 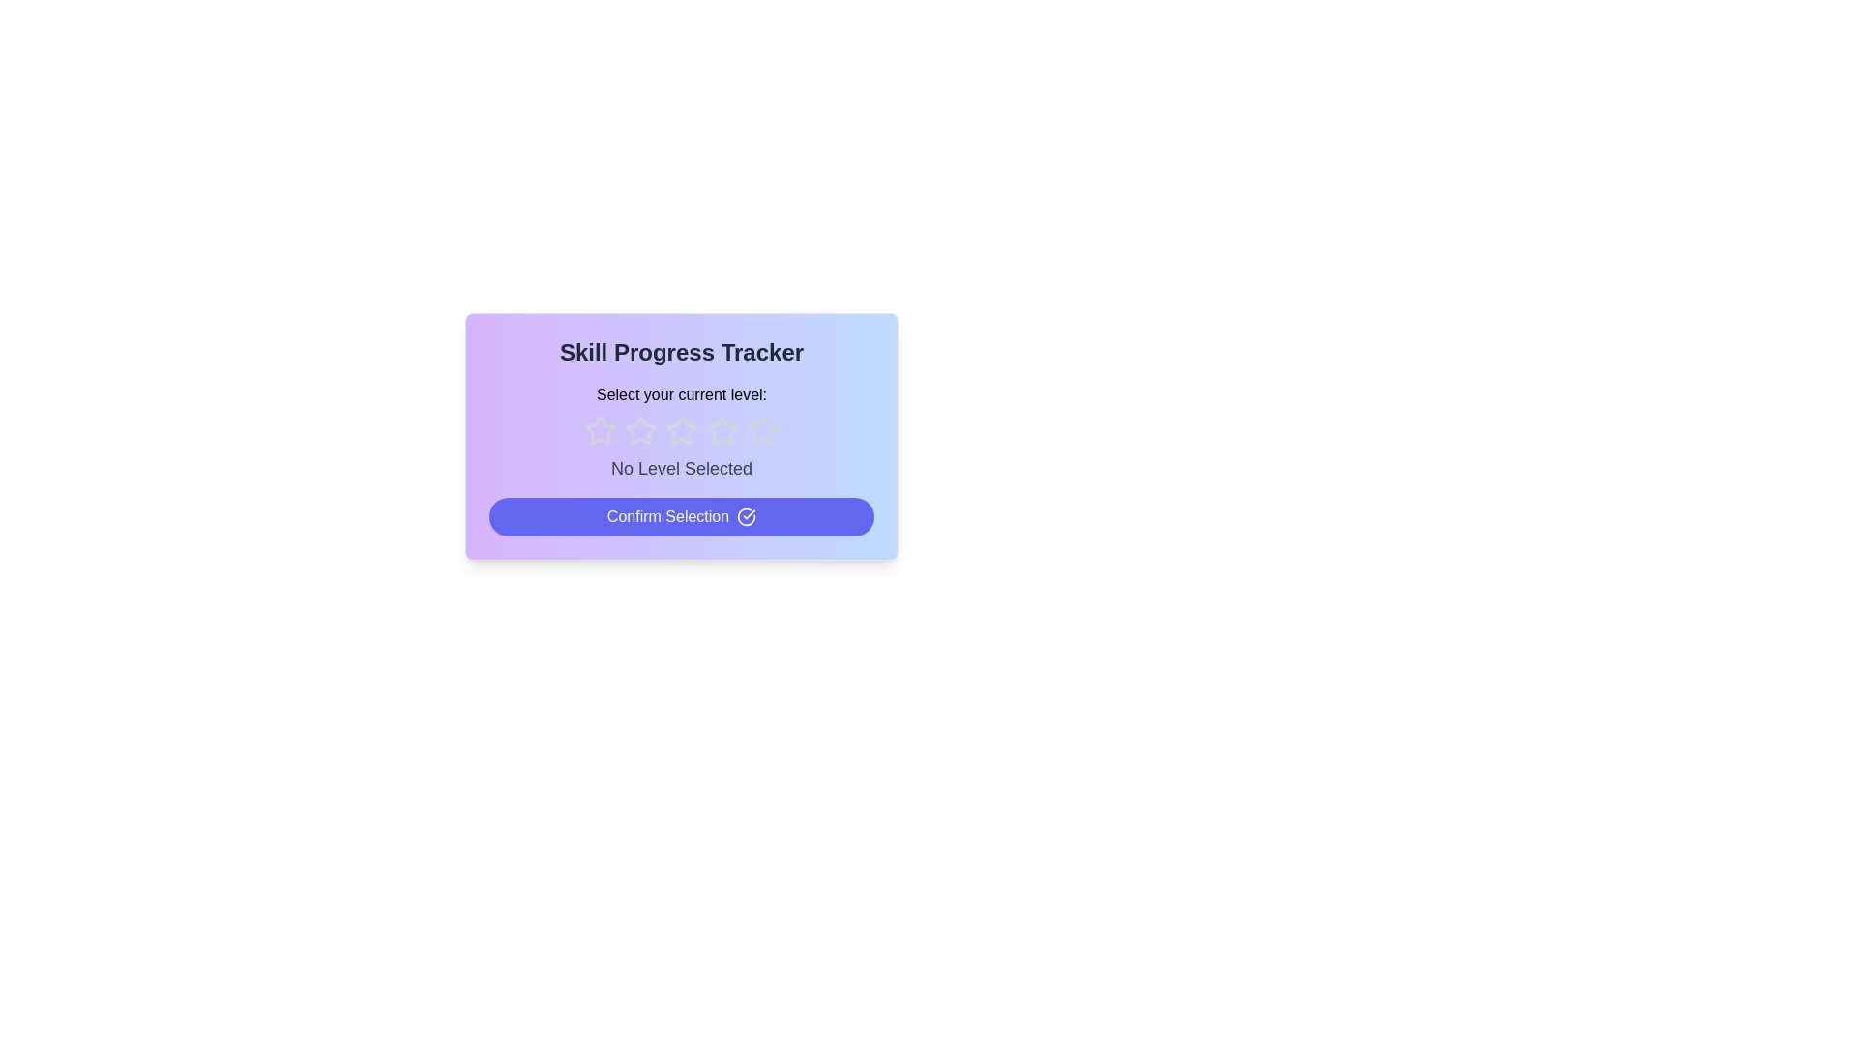 What do you see at coordinates (682, 430) in the screenshot?
I see `the rating to 3 stars by clicking on the corresponding star` at bounding box center [682, 430].